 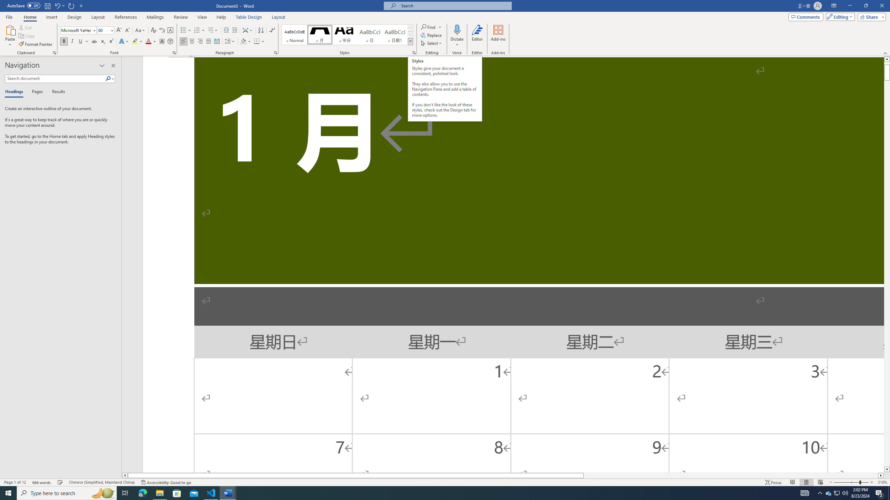 What do you see at coordinates (9, 16) in the screenshot?
I see `'File Tab'` at bounding box center [9, 16].